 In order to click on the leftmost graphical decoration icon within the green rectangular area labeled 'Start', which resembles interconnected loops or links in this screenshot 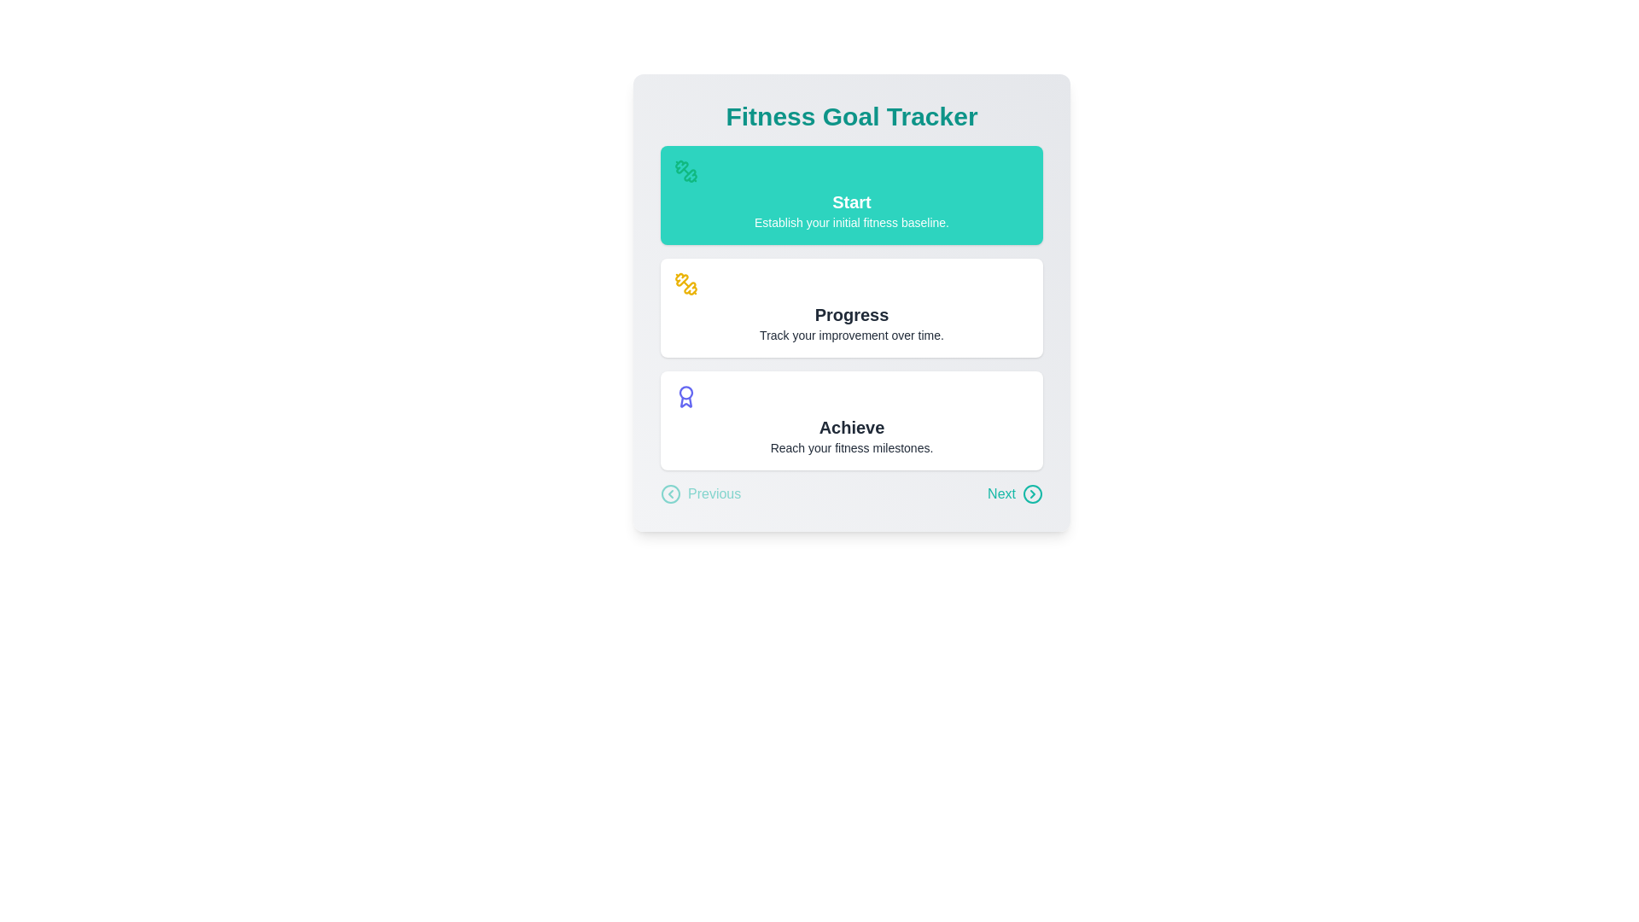, I will do `click(680, 166)`.